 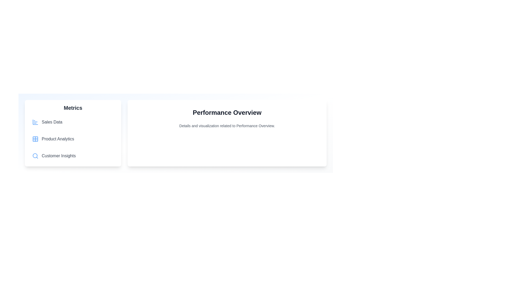 What do you see at coordinates (73, 122) in the screenshot?
I see `keyboard navigation` at bounding box center [73, 122].